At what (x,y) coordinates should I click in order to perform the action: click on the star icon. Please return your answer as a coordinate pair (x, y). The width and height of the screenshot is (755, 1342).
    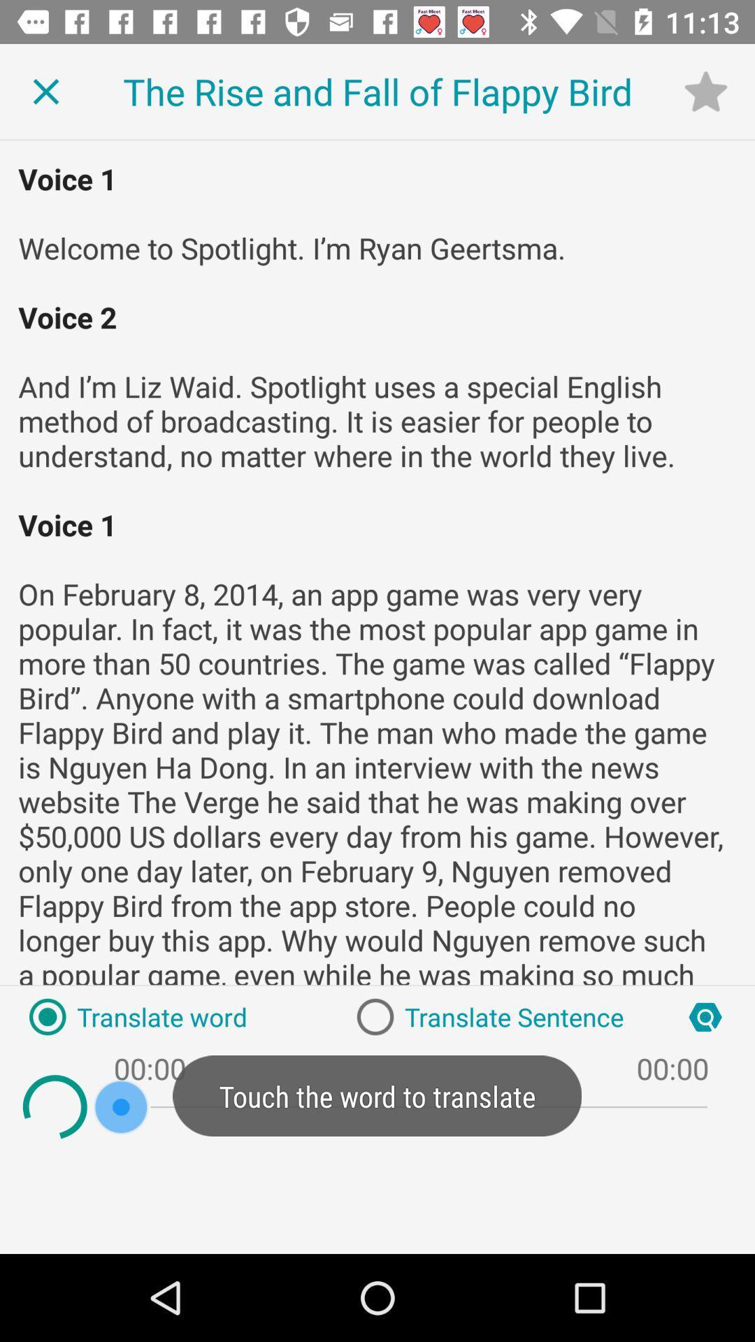
    Looking at the image, I should click on (705, 90).